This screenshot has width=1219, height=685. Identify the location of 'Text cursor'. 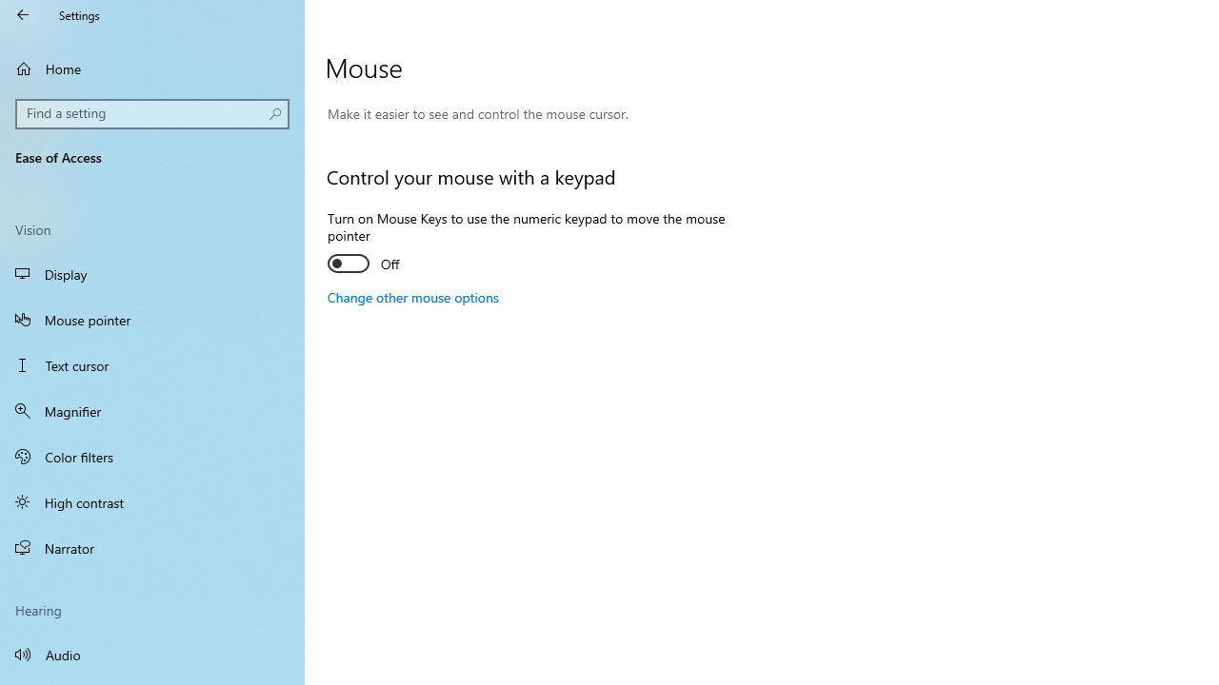
(152, 365).